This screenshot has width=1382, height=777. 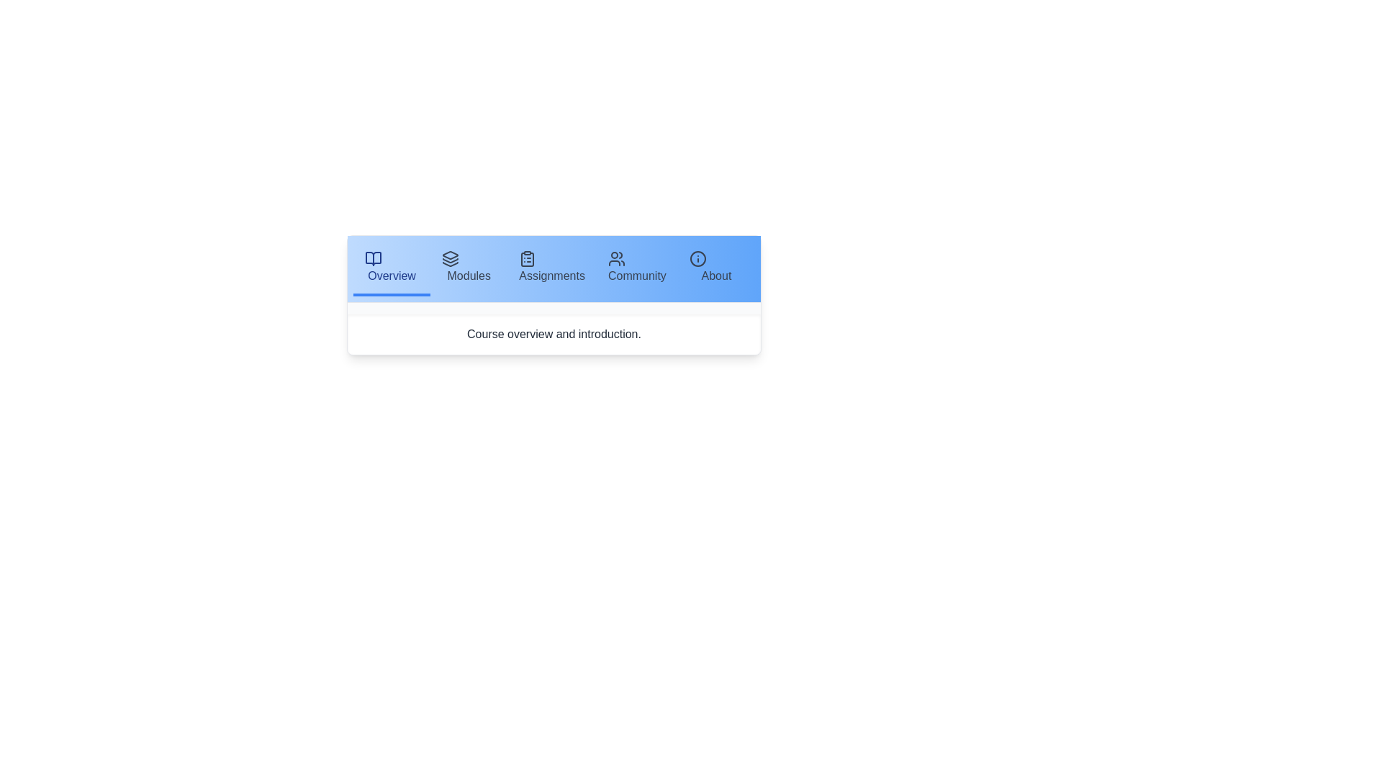 What do you see at coordinates (392, 269) in the screenshot?
I see `the 'Overview' tab` at bounding box center [392, 269].